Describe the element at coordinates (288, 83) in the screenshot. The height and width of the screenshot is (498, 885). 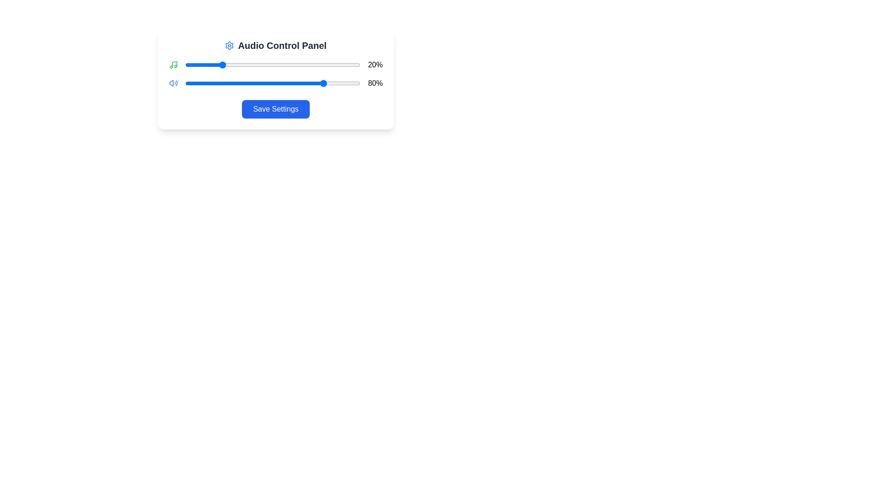
I see `the second volume slider to 59%` at that location.